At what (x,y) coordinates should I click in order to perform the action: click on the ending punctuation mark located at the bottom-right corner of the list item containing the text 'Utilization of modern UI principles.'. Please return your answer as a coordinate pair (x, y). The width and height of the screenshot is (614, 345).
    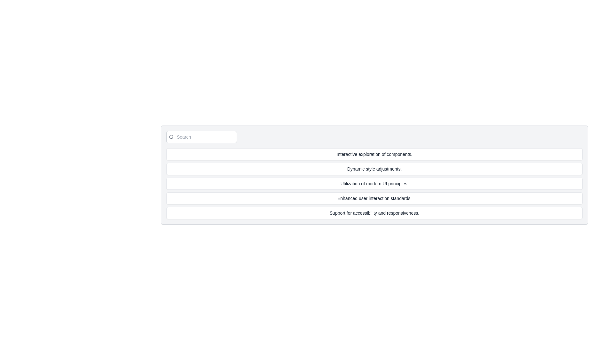
    Looking at the image, I should click on (407, 183).